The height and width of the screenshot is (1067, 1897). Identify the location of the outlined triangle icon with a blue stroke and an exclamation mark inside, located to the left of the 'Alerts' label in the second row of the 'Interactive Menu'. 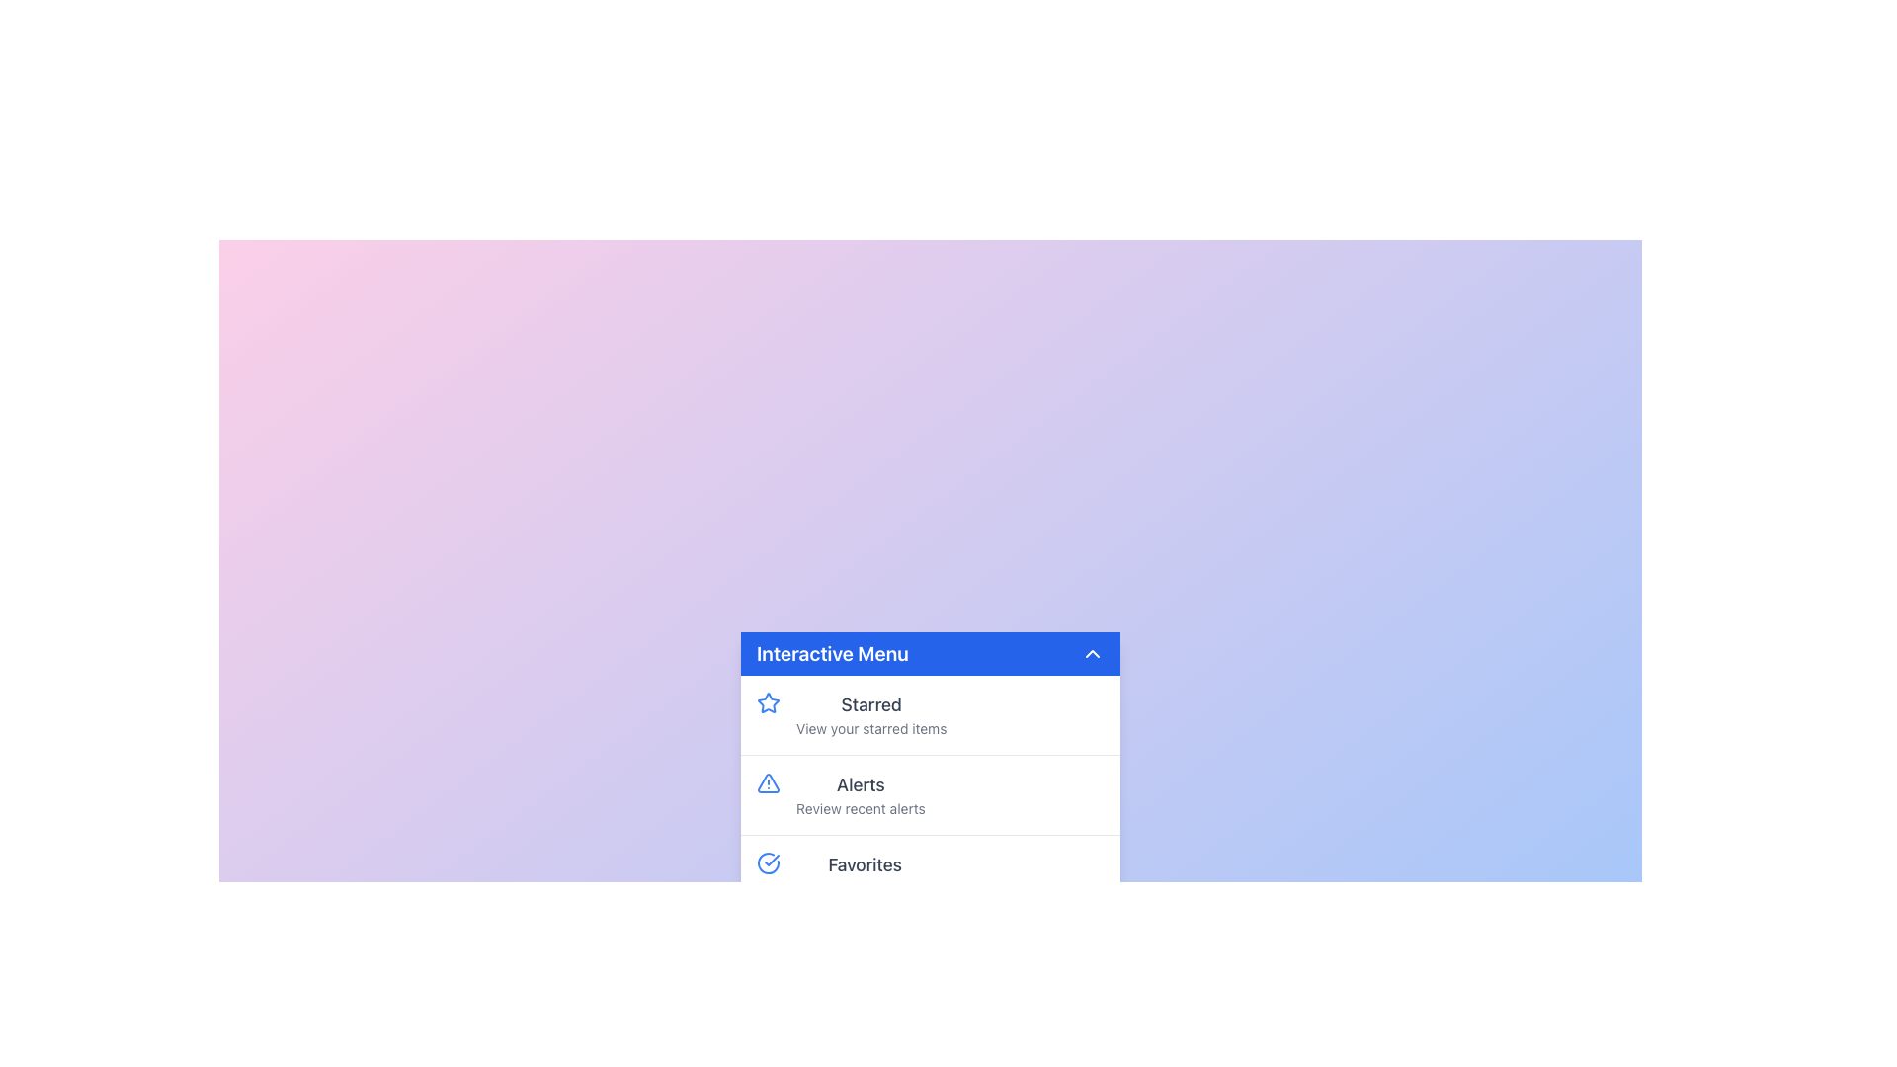
(767, 782).